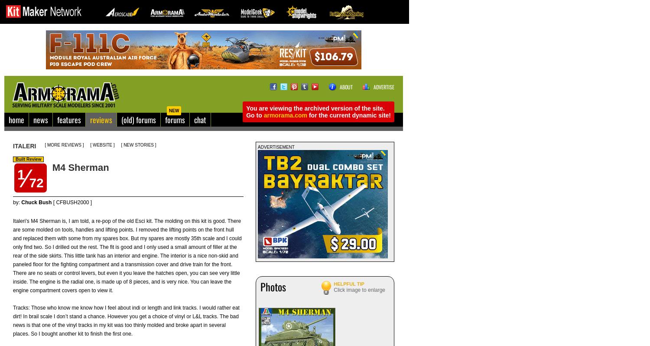  Describe the element at coordinates (127, 255) in the screenshot. I see `'Italeri’s M4 Sherman is, I am told, a re-pop of the old Esci kit. The molding on this kit is good.  There are some molded on tools, handles and lifting points. I removed the lifting points on the front hull and replaced them with some from my spares box. But my spares are mostly 35th scale and I could only find two. So I drilled out the rest. The fit is good and I only used a small amount of filler at the rear of the side skirts. This little tank has an interior and engine. The interior is a nice non-skid and paneled floor for the fighting compartment and a transmission cover and drive train for the front.  There are no seats or control levers, but even it you leave the hatches open, you can see very little inside. The engine is the radial one, is made up of 8 pieces, and is very nice.  You can leave the engine compartment covers open to view it.'` at that location.